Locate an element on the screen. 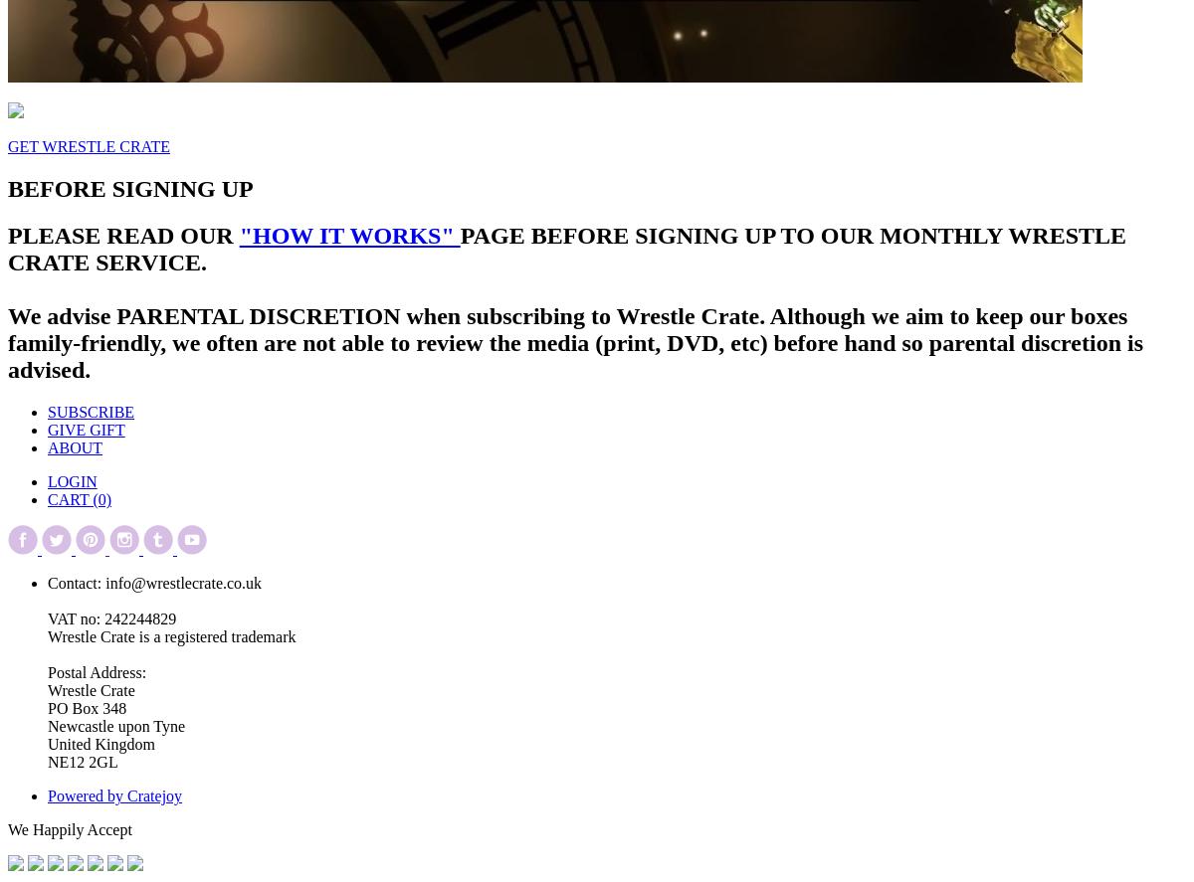  'PAGE BEFORE SIGNING UP TO OUR MONTHLY WRESTLE CRATE SERVICE.' is located at coordinates (566, 248).